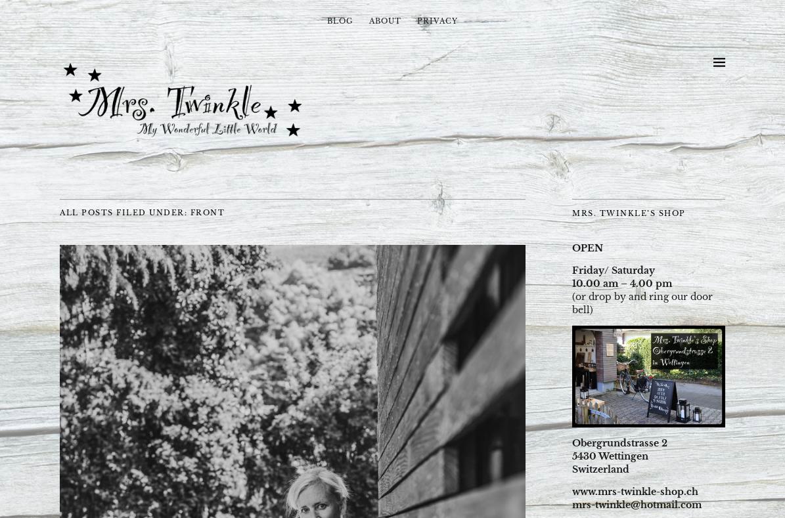 The height and width of the screenshot is (518, 785). I want to click on 'www.mrs-twinkle-shop.ch', so click(572, 491).